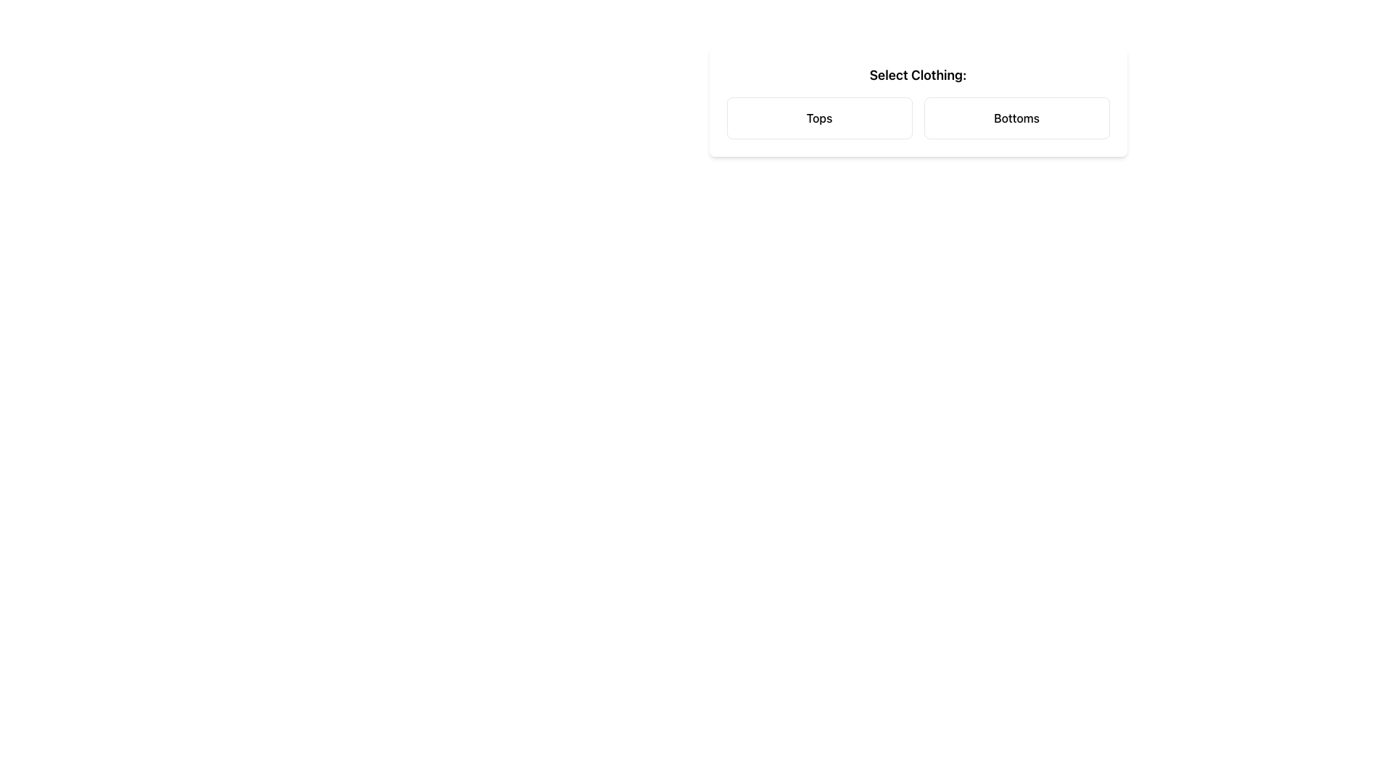 The image size is (1393, 784). I want to click on the 'Tops' category selection button located to the left, so click(819, 117).